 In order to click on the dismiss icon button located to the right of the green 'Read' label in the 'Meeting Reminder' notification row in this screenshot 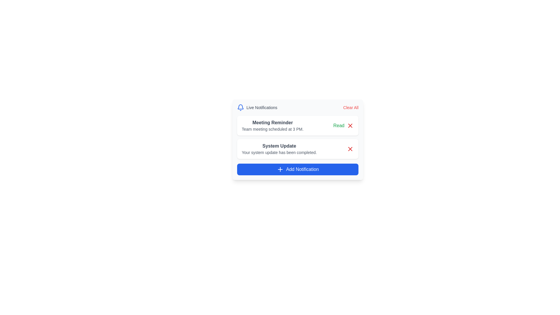, I will do `click(350, 125)`.